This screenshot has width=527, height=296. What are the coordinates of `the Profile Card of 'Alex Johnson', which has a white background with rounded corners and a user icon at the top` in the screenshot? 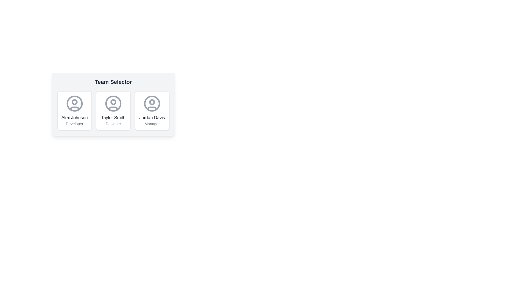 It's located at (74, 111).